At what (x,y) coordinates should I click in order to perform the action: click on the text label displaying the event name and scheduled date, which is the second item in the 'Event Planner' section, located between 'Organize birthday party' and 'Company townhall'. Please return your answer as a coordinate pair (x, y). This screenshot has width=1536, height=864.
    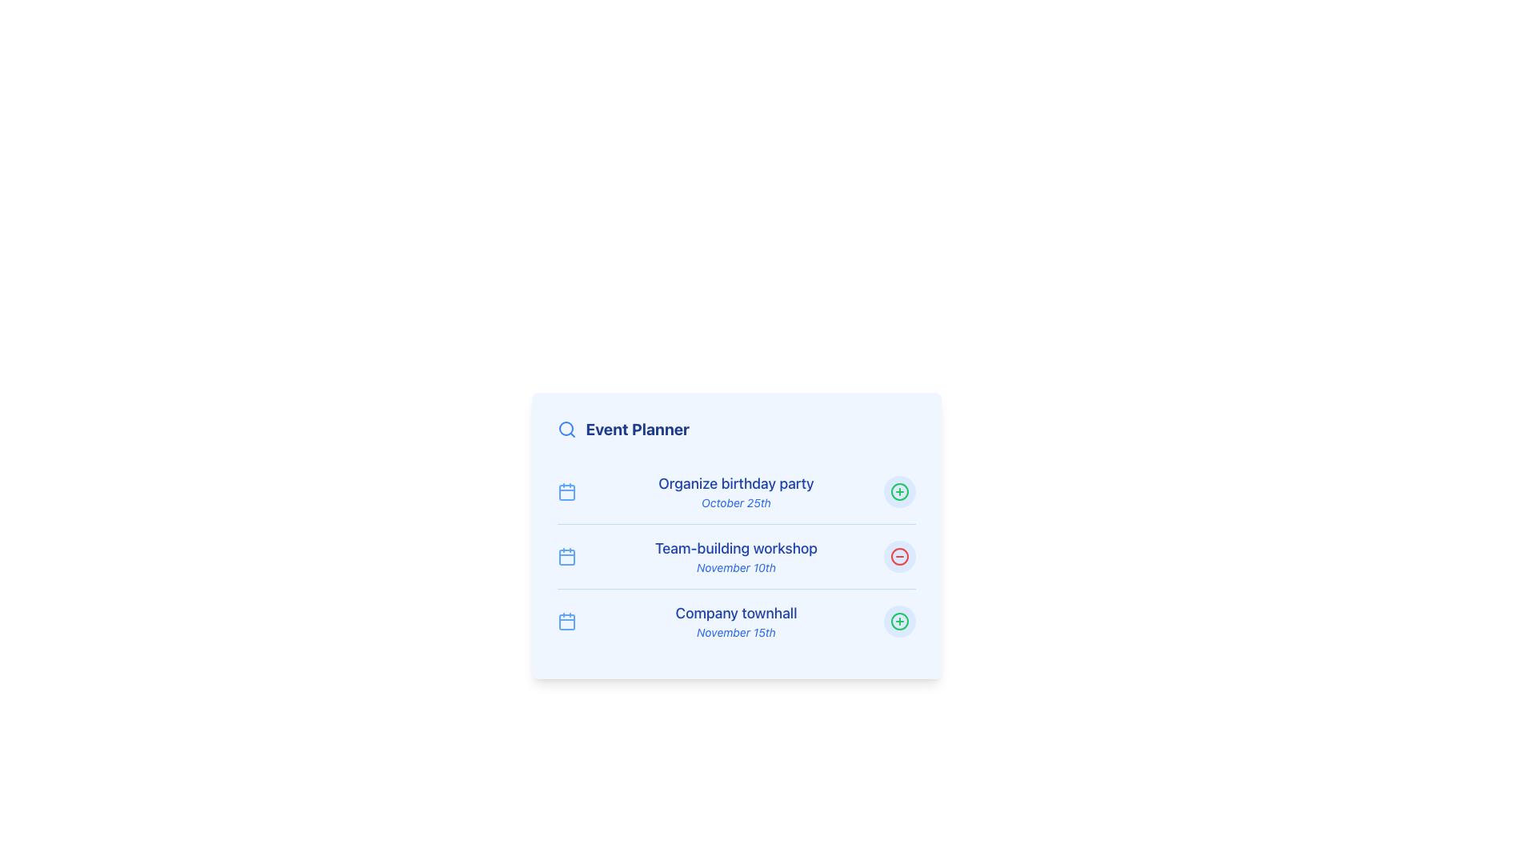
    Looking at the image, I should click on (735, 555).